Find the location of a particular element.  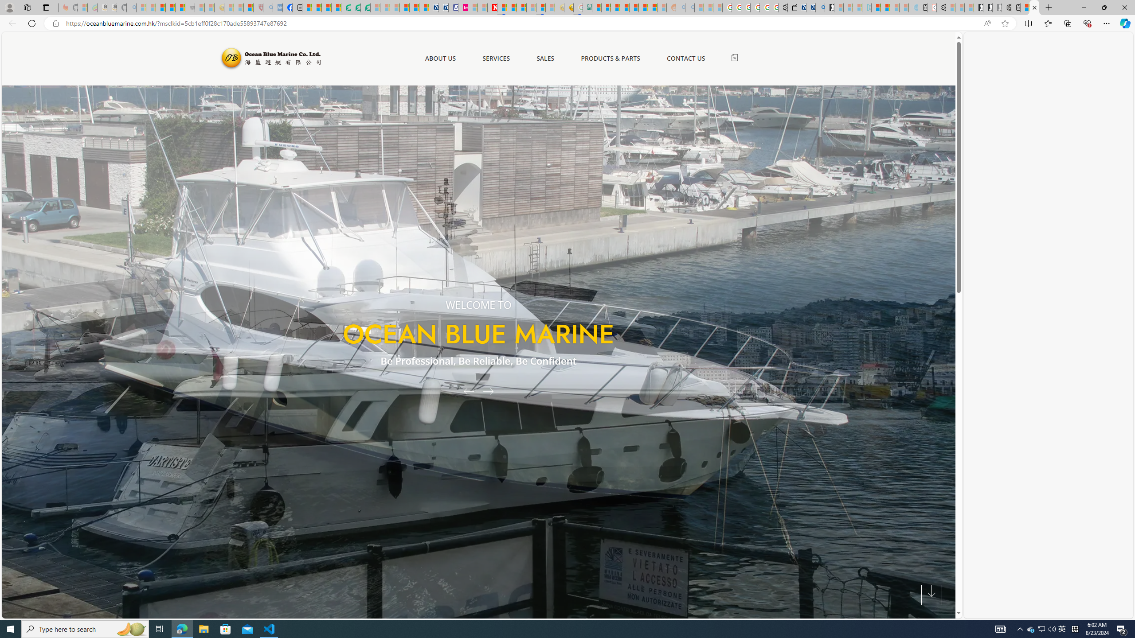

'Ocean Blue Marine' is located at coordinates (269, 58).